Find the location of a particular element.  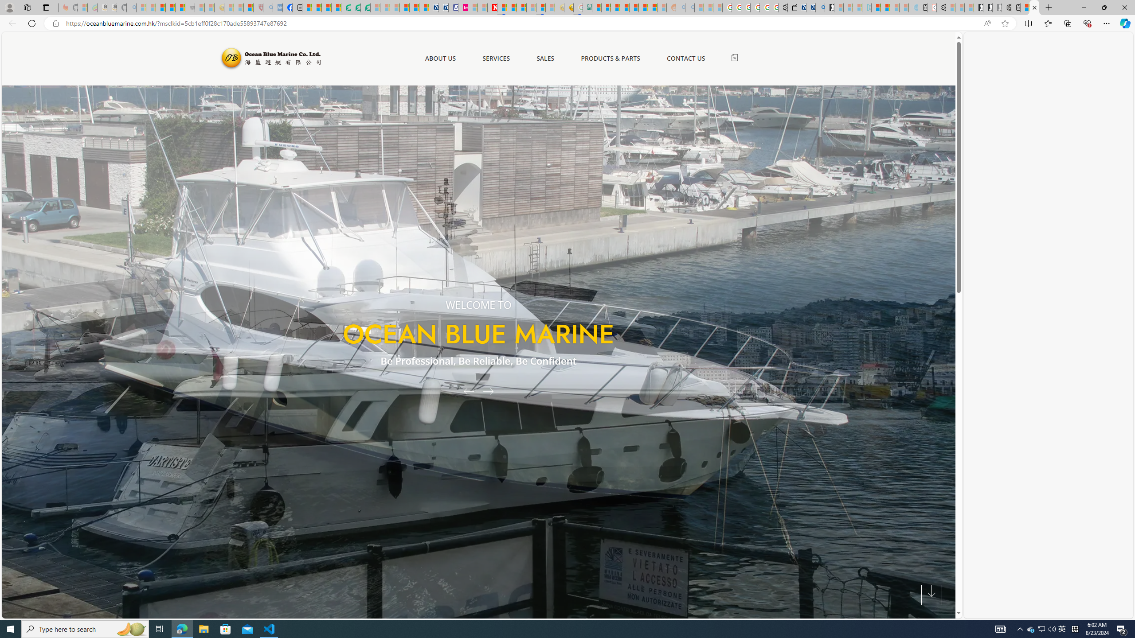

'Ocean Blue Marine' is located at coordinates (269, 58).